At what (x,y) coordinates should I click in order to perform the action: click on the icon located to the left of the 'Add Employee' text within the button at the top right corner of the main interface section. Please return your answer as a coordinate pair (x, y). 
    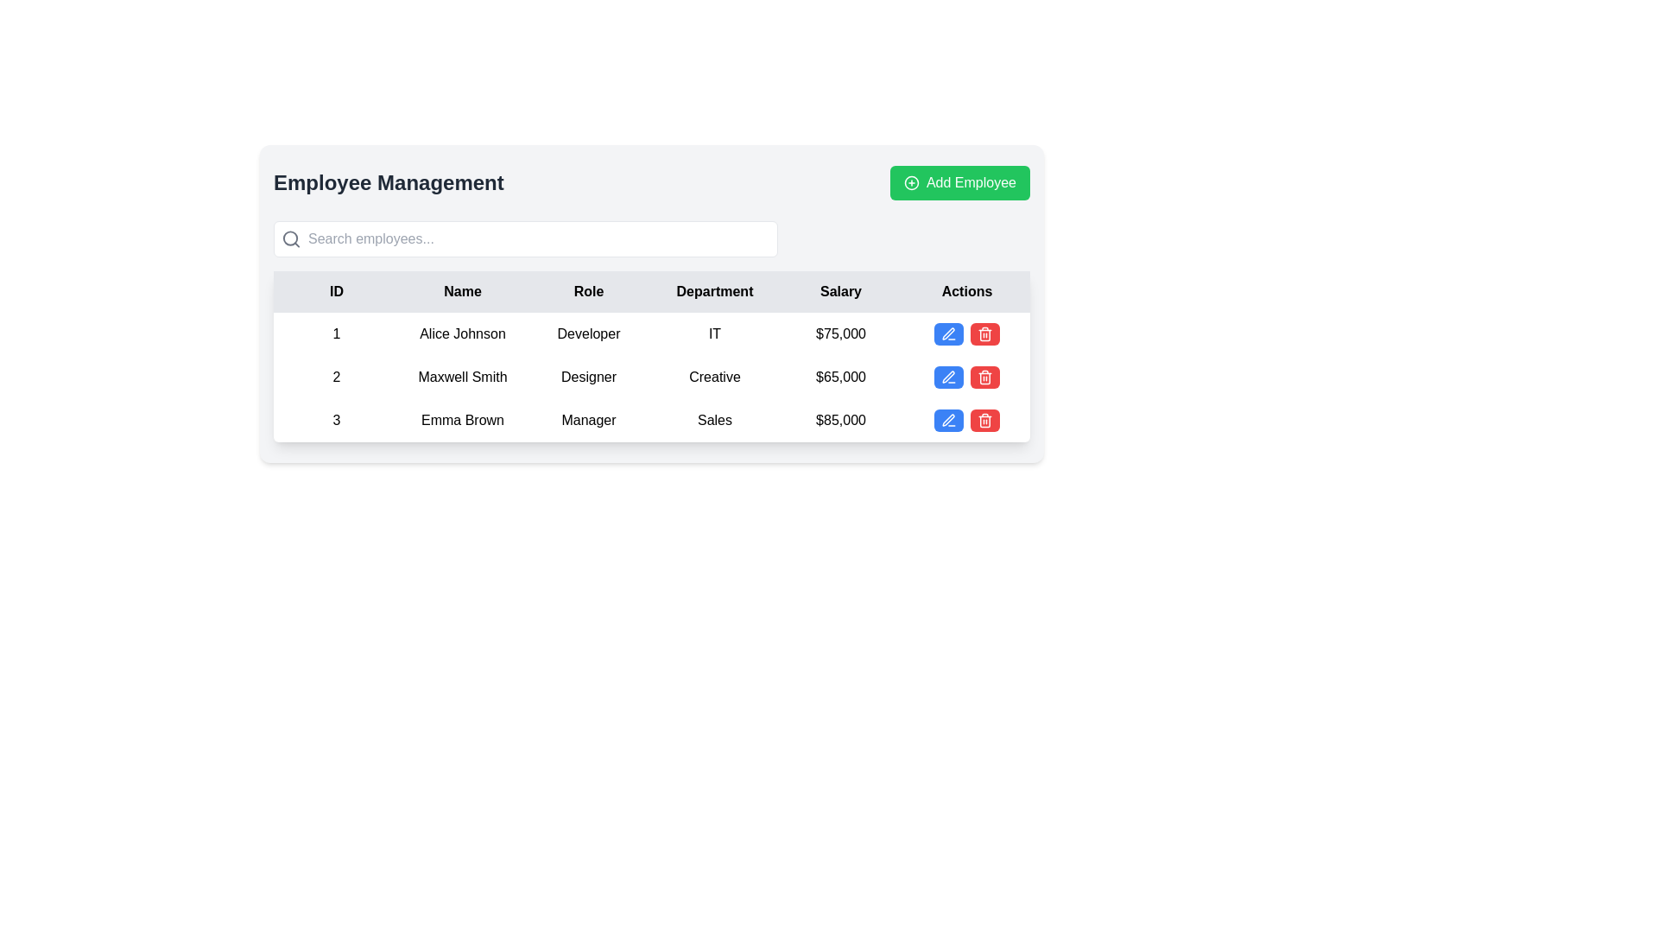
    Looking at the image, I should click on (911, 183).